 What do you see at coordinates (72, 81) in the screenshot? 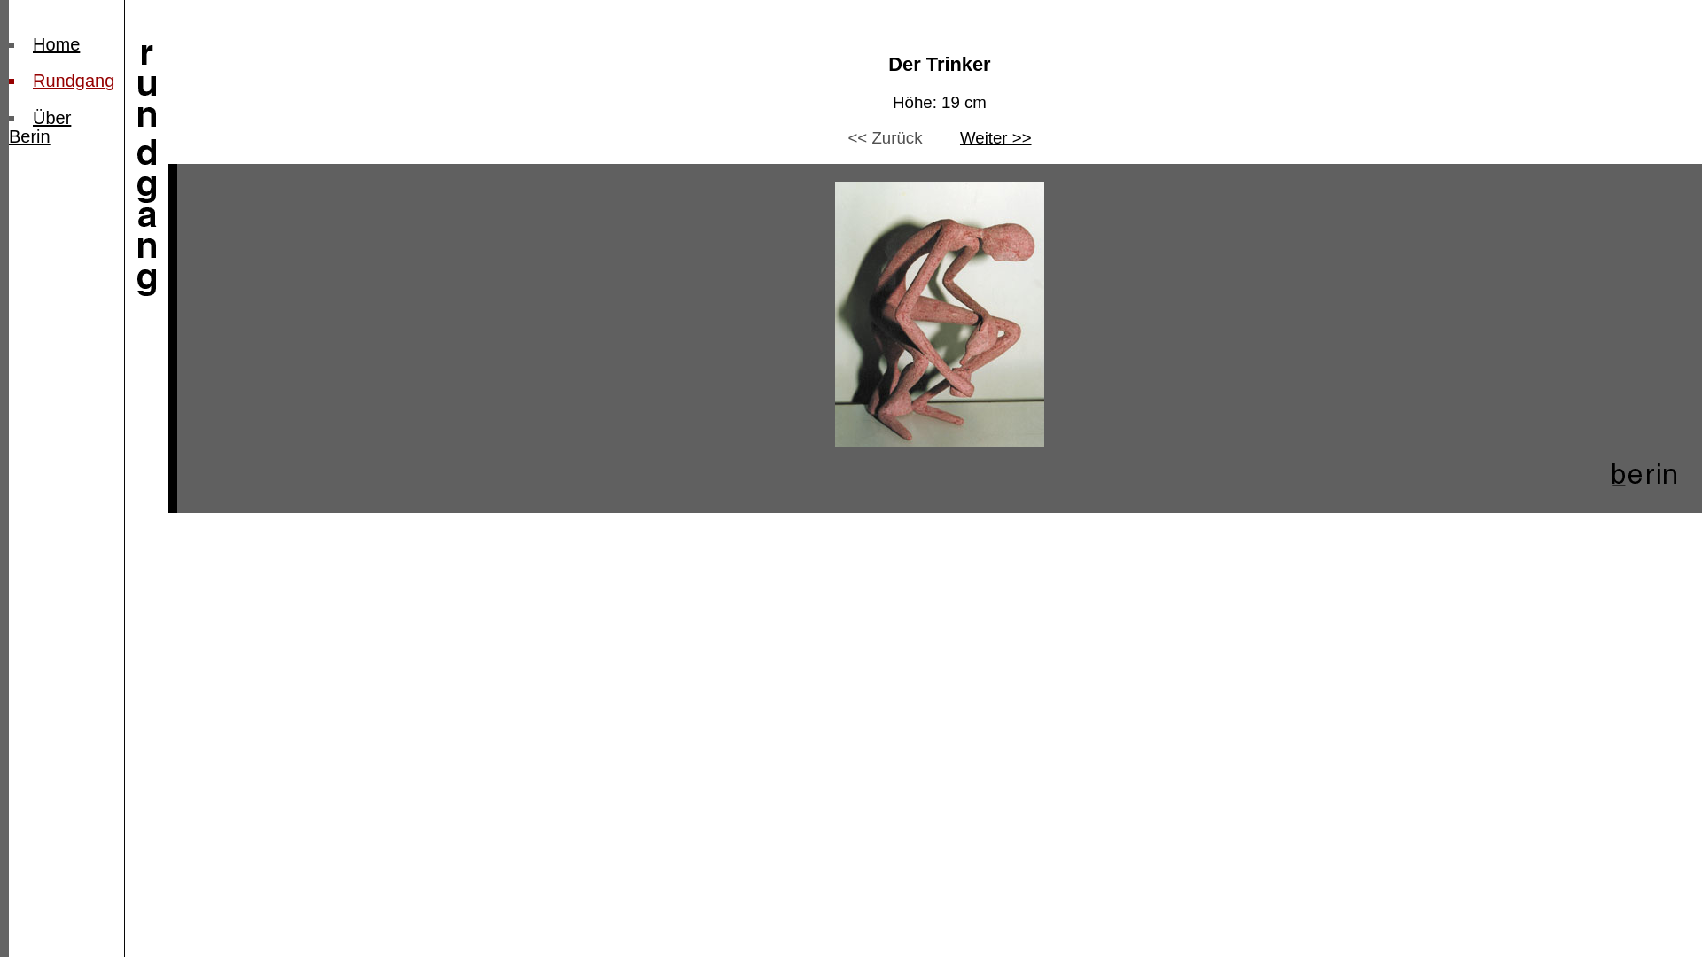
I see `'Rundgang'` at bounding box center [72, 81].